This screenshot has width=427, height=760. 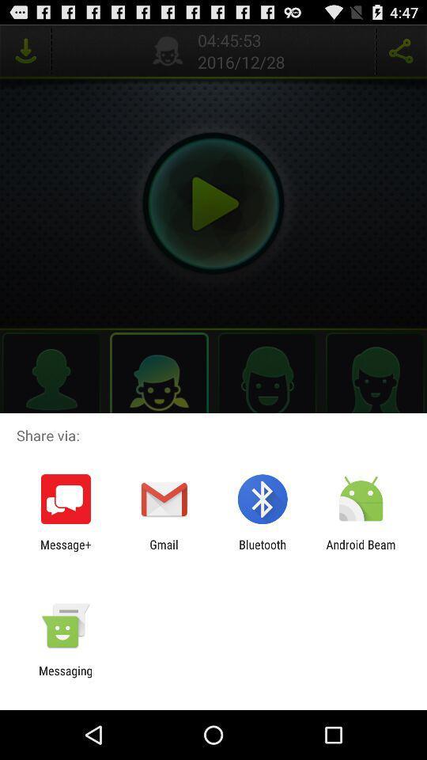 I want to click on the item to the left of the android beam icon, so click(x=263, y=551).